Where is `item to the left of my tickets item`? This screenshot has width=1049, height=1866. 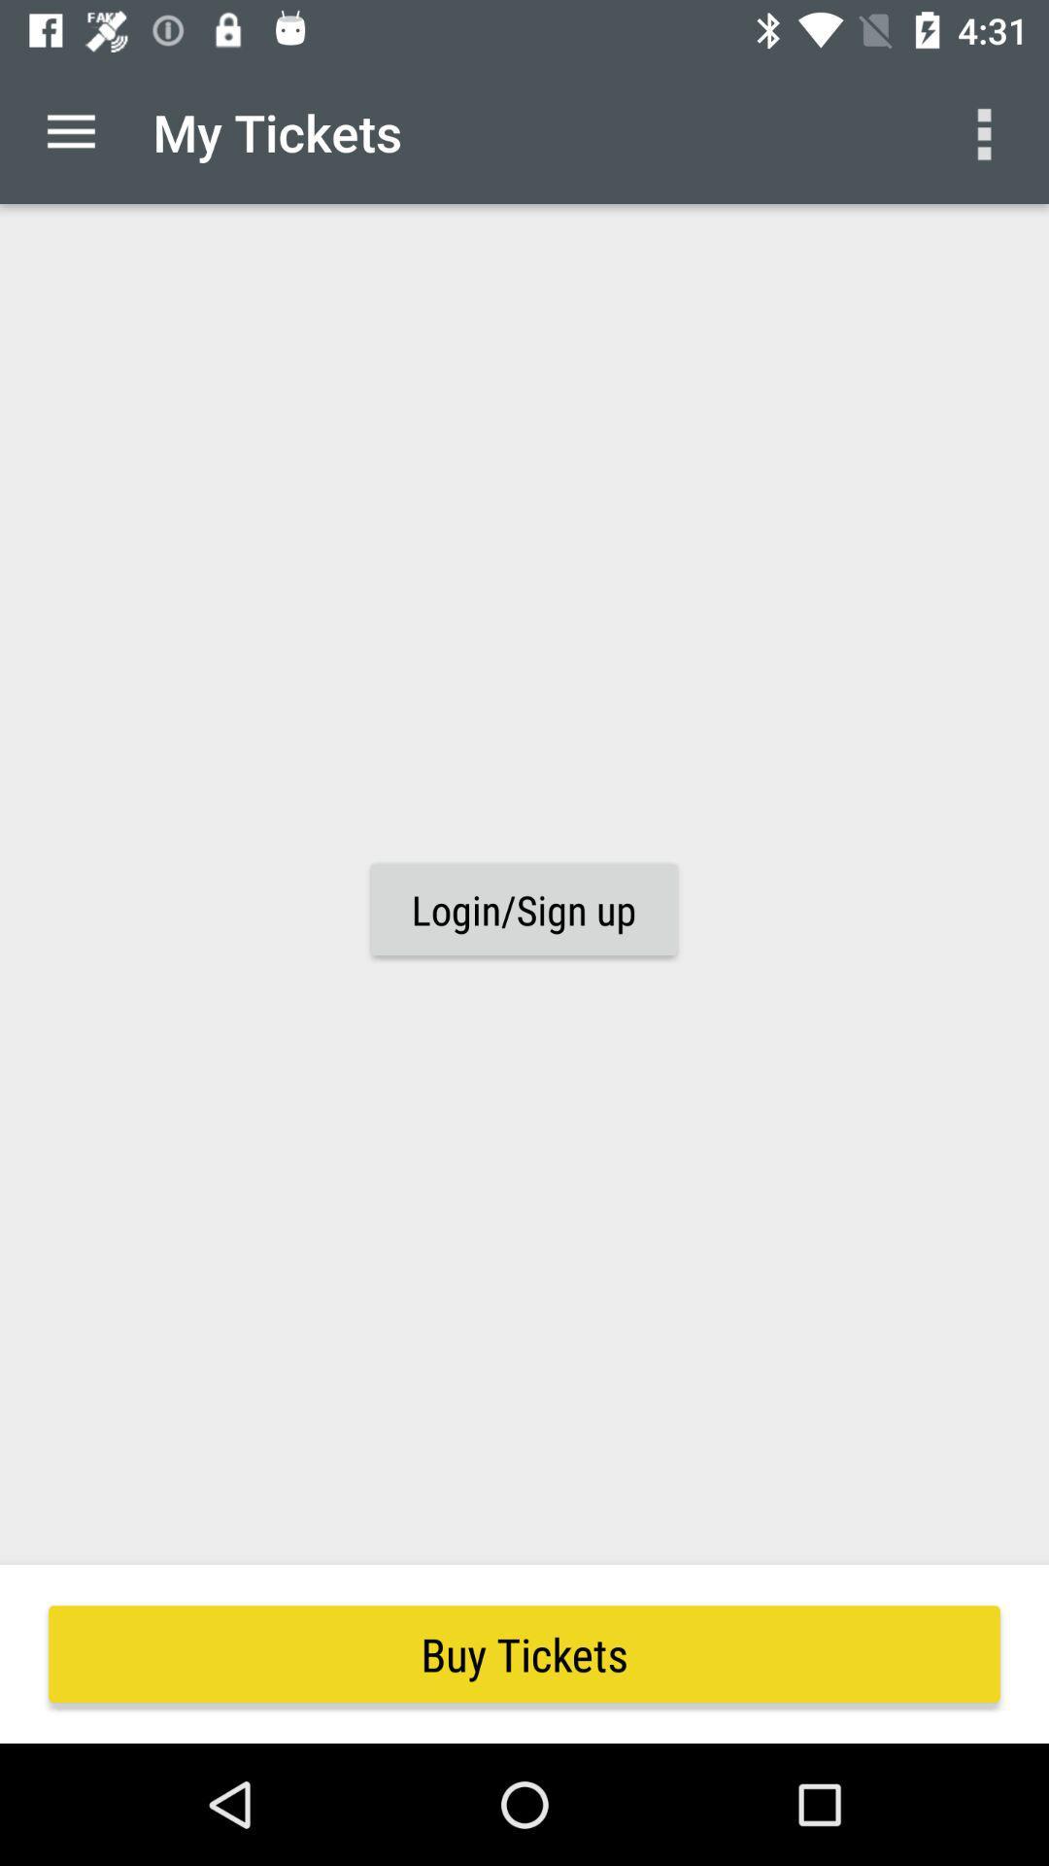
item to the left of my tickets item is located at coordinates (70, 131).